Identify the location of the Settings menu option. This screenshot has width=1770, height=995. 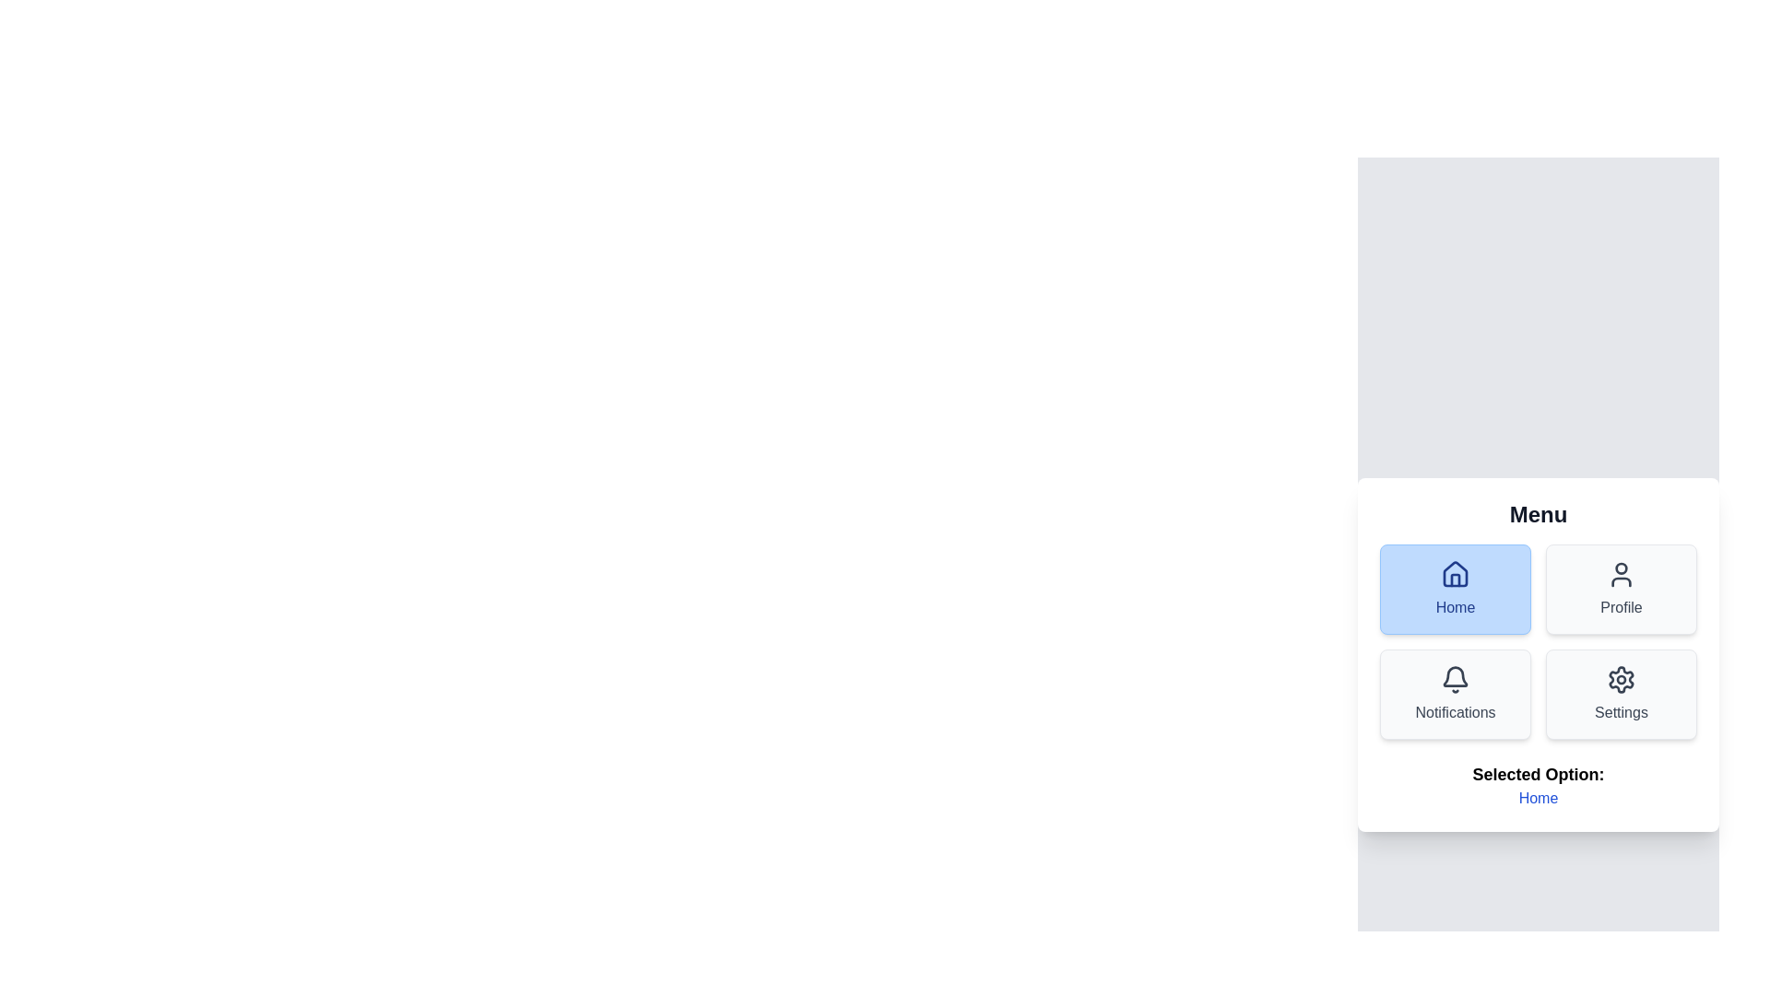
(1620, 694).